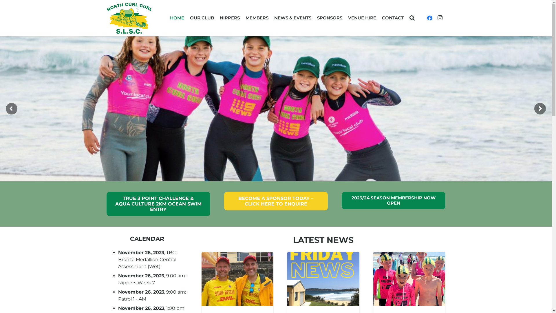  Describe the element at coordinates (393, 17) in the screenshot. I see `'CONTACT'` at that location.